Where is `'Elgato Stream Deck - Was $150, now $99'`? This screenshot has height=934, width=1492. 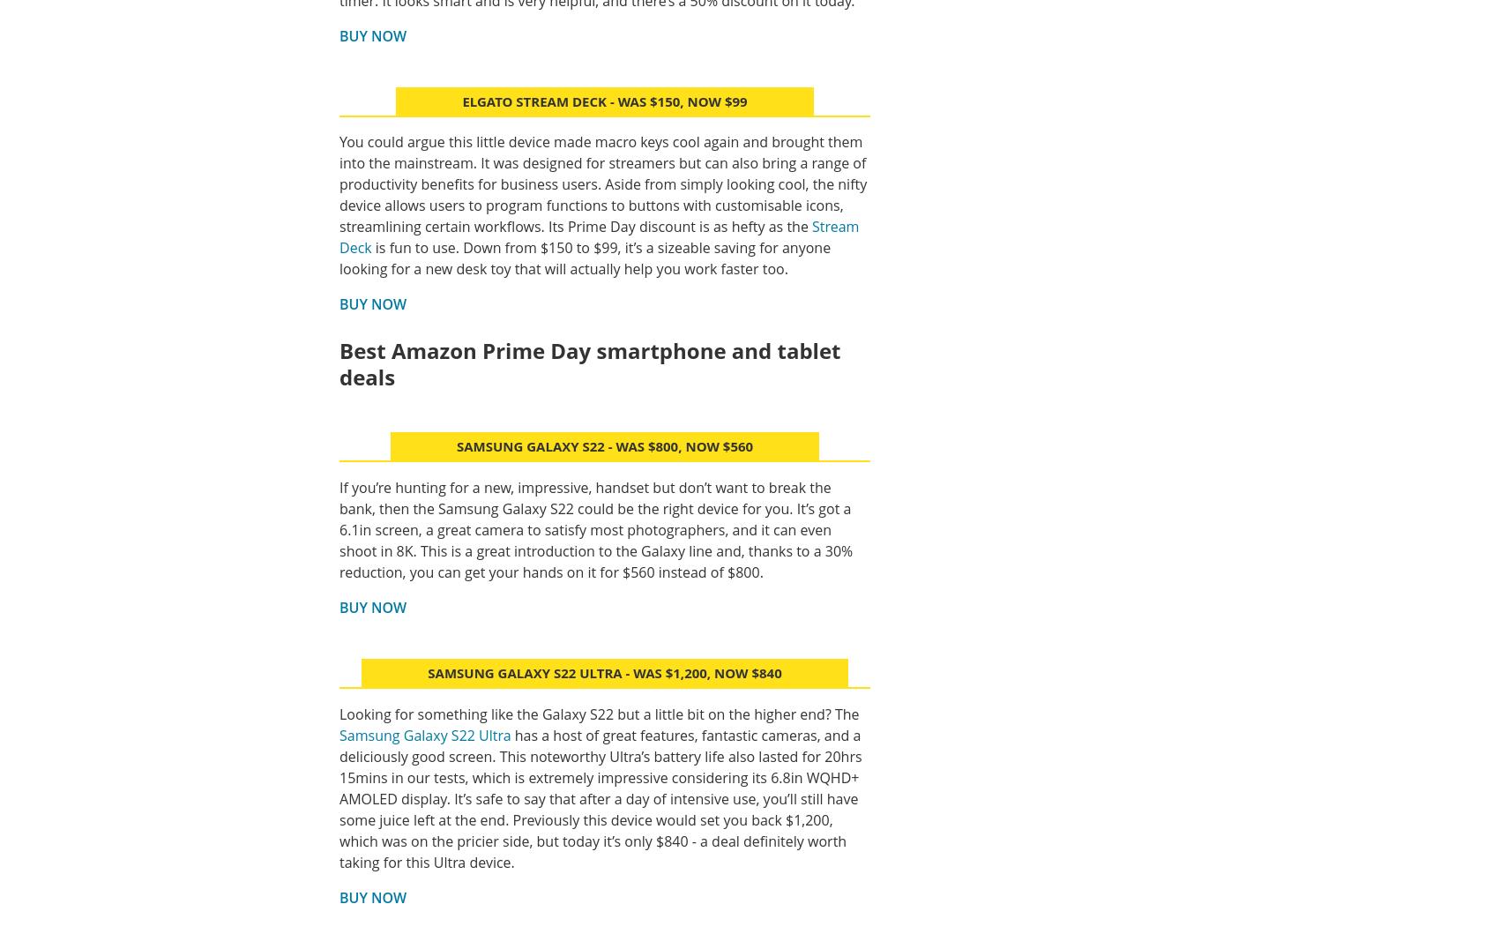
'Elgato Stream Deck - Was $150, now $99' is located at coordinates (604, 99).